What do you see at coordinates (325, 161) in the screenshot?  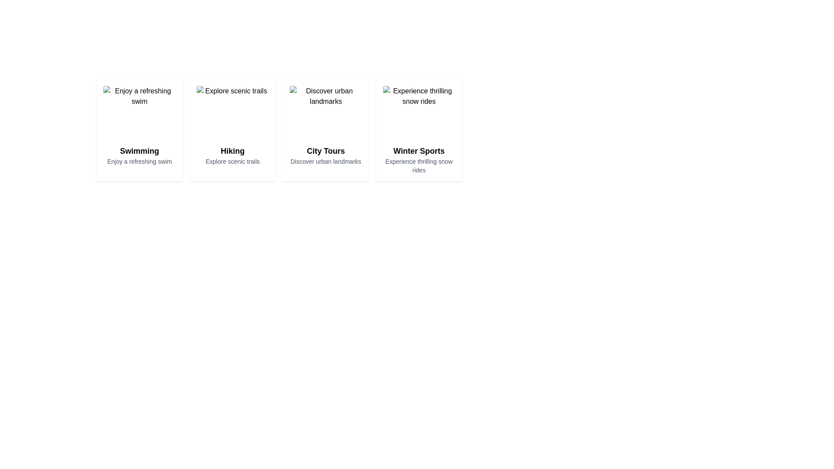 I see `the static text label that provides additional information about 'City Tours', located beneath the 'City Tours' heading in the bottom section of the card component` at bounding box center [325, 161].